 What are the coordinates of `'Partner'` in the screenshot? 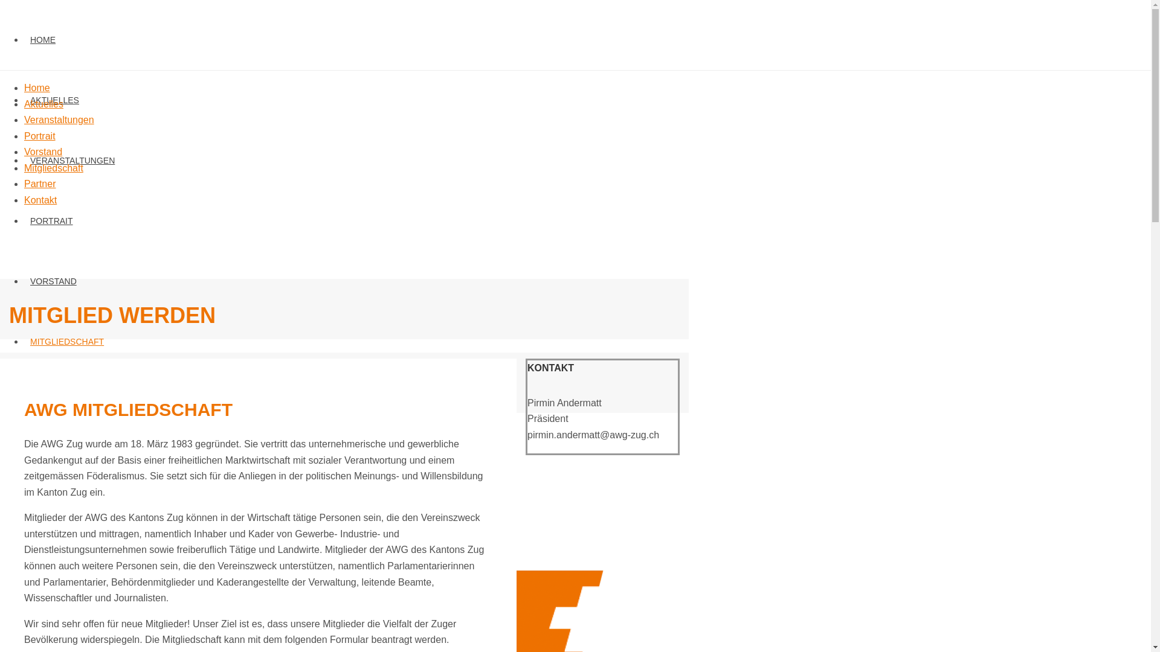 It's located at (40, 184).